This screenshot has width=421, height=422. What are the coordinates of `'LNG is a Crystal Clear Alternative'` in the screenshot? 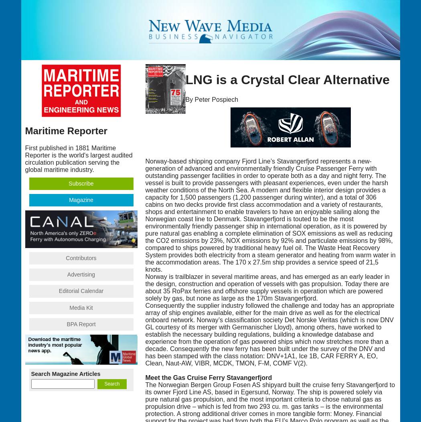 It's located at (185, 80).